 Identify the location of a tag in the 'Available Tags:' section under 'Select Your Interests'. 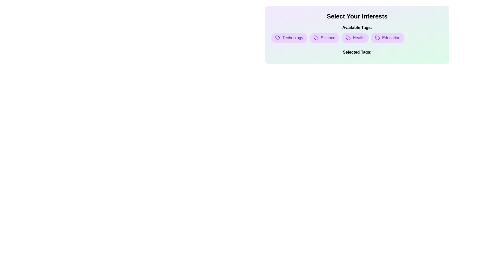
(357, 34).